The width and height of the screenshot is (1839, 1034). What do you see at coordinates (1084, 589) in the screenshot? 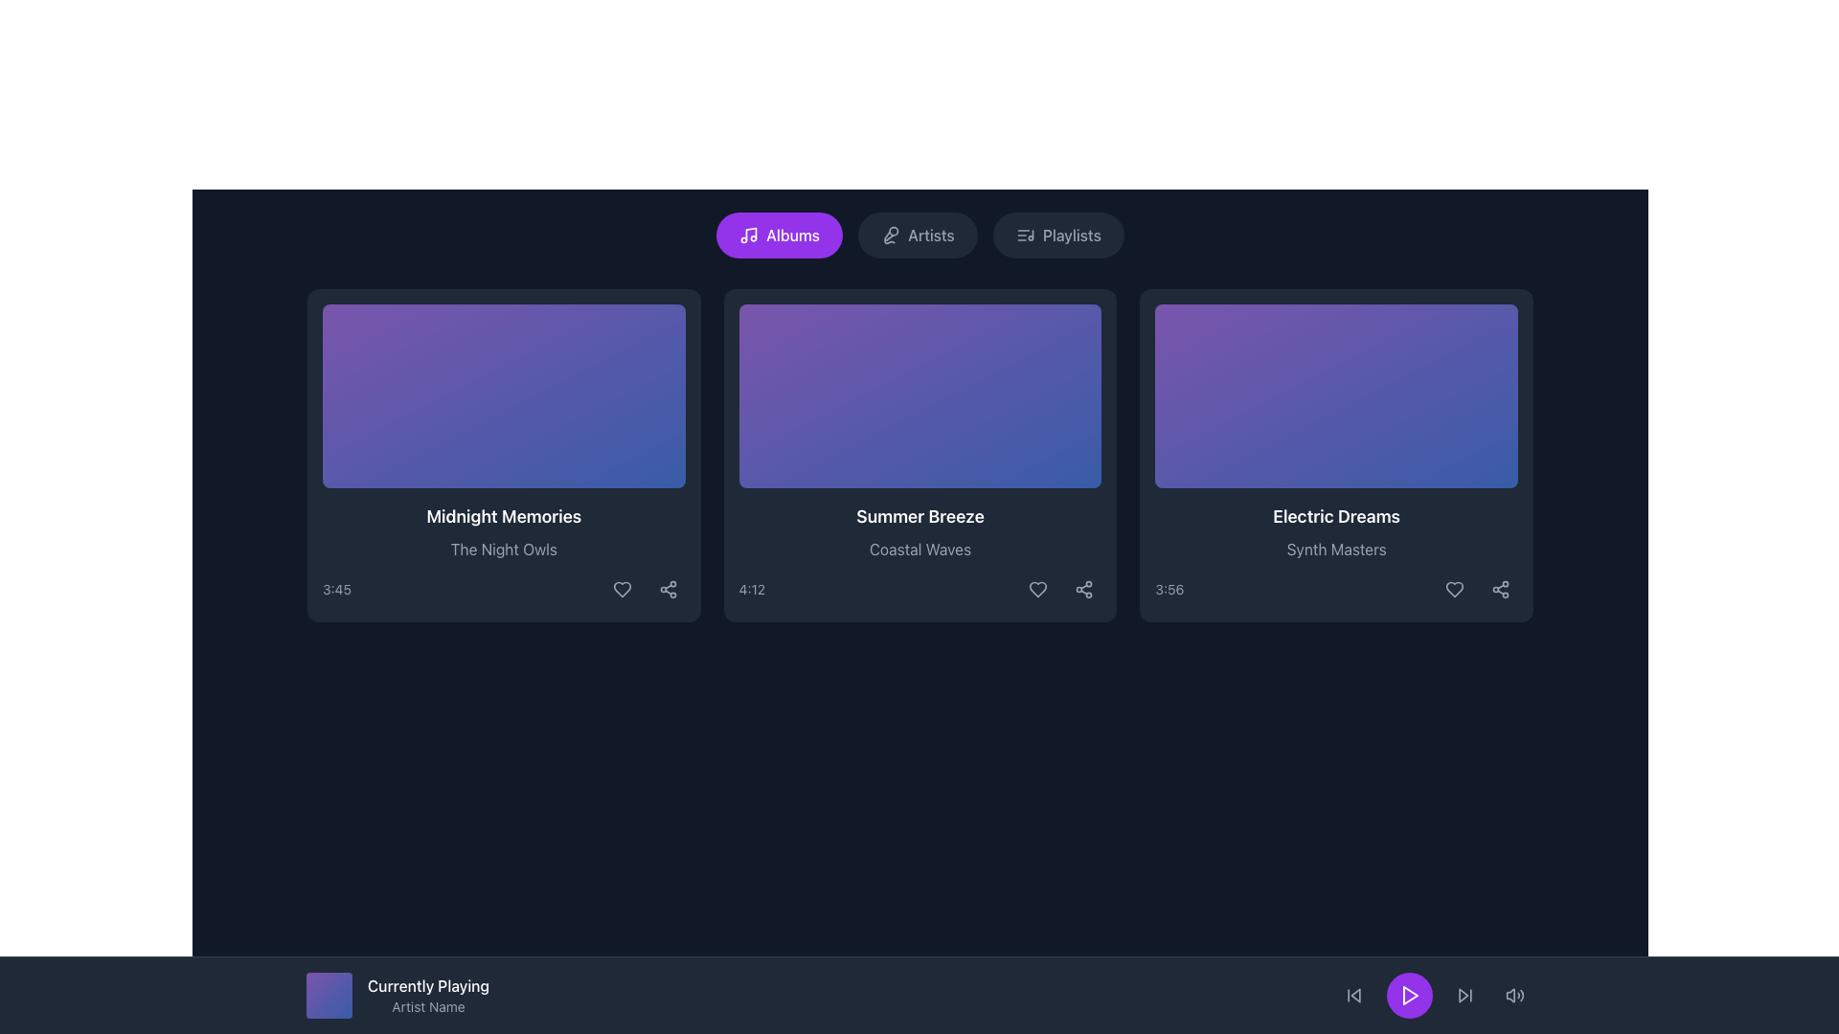
I see `the share icon in the footer of the 'Summer Breeze' card to change its color to blue` at bounding box center [1084, 589].